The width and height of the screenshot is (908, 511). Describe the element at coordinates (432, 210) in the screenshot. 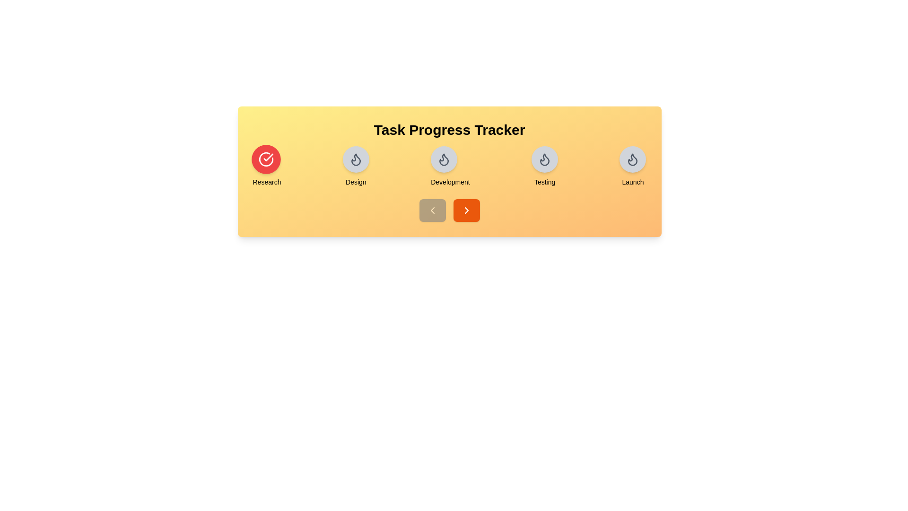

I see `the left-pointing chevron icon located on a muted background button at the lower center part of the interface, positioned to the left of a right-pointing chevron button` at that location.